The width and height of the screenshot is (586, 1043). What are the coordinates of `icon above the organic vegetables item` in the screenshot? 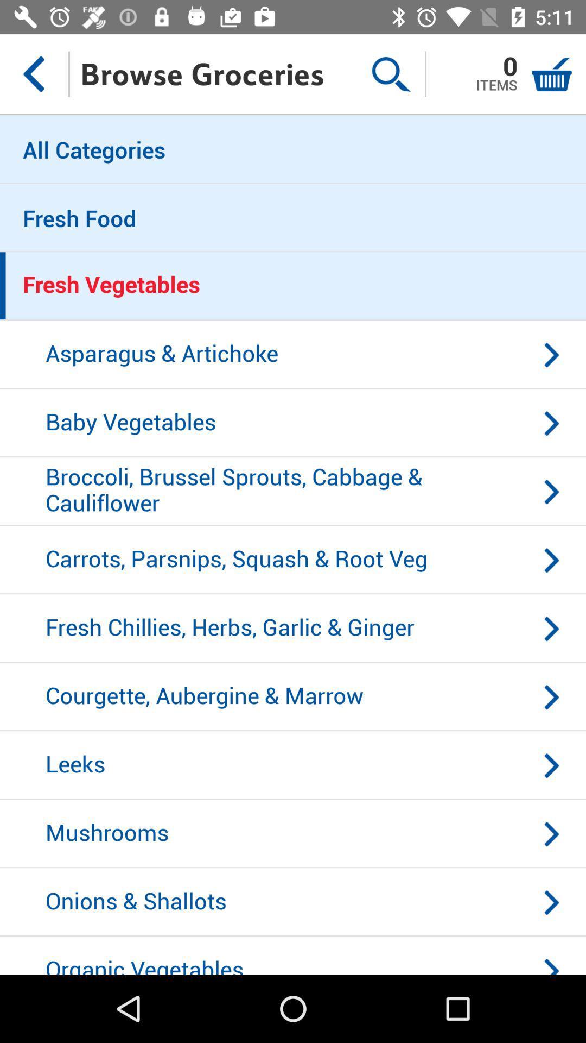 It's located at (293, 902).